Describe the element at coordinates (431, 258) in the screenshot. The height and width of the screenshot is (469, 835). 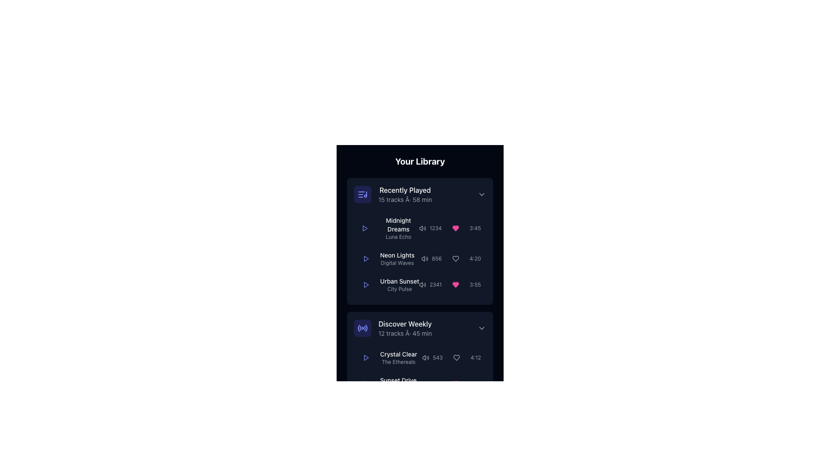
I see `numerical label '856' next to the speaker icon in the 'Recently Played' section for the song 'Neon Lights' by Digital Waves` at that location.